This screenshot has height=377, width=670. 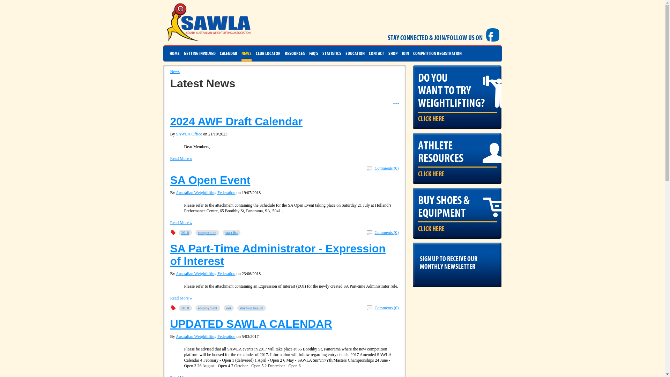 What do you see at coordinates (185, 308) in the screenshot?
I see `'2018'` at bounding box center [185, 308].